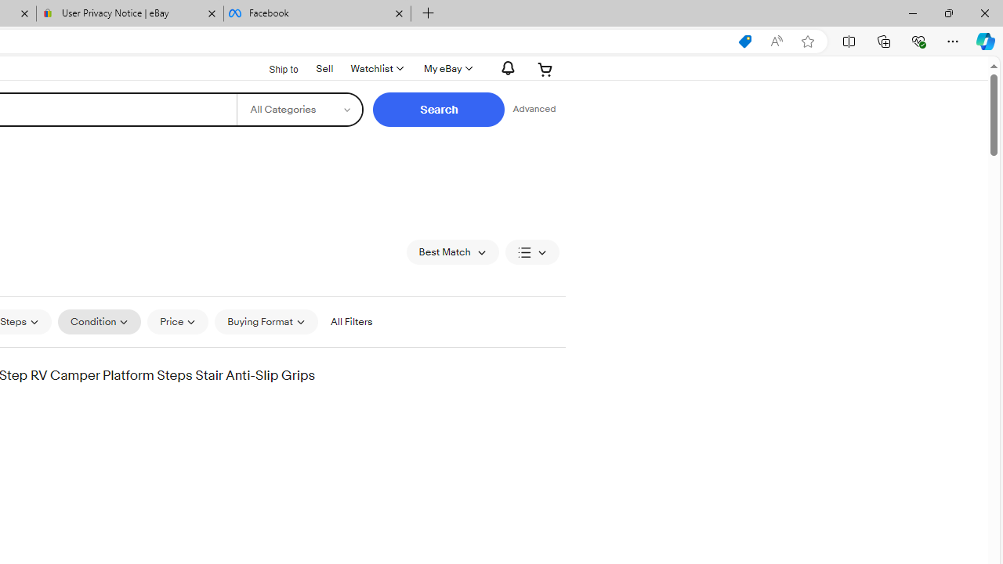 The image size is (1003, 564). I want to click on 'AutomationID: gh-eb-Alerts', so click(505, 67).